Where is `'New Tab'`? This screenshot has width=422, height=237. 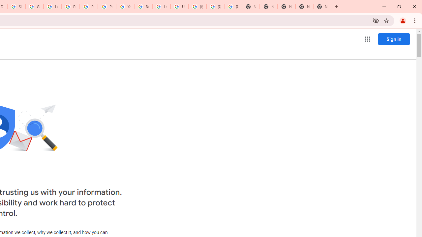
'New Tab' is located at coordinates (322, 7).